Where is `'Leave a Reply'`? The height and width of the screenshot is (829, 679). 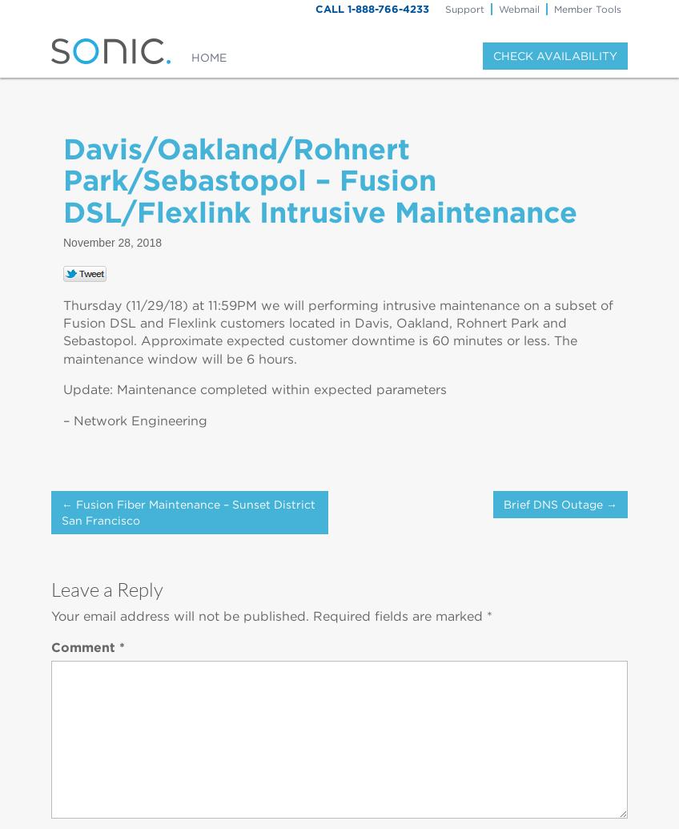 'Leave a Reply' is located at coordinates (106, 587).